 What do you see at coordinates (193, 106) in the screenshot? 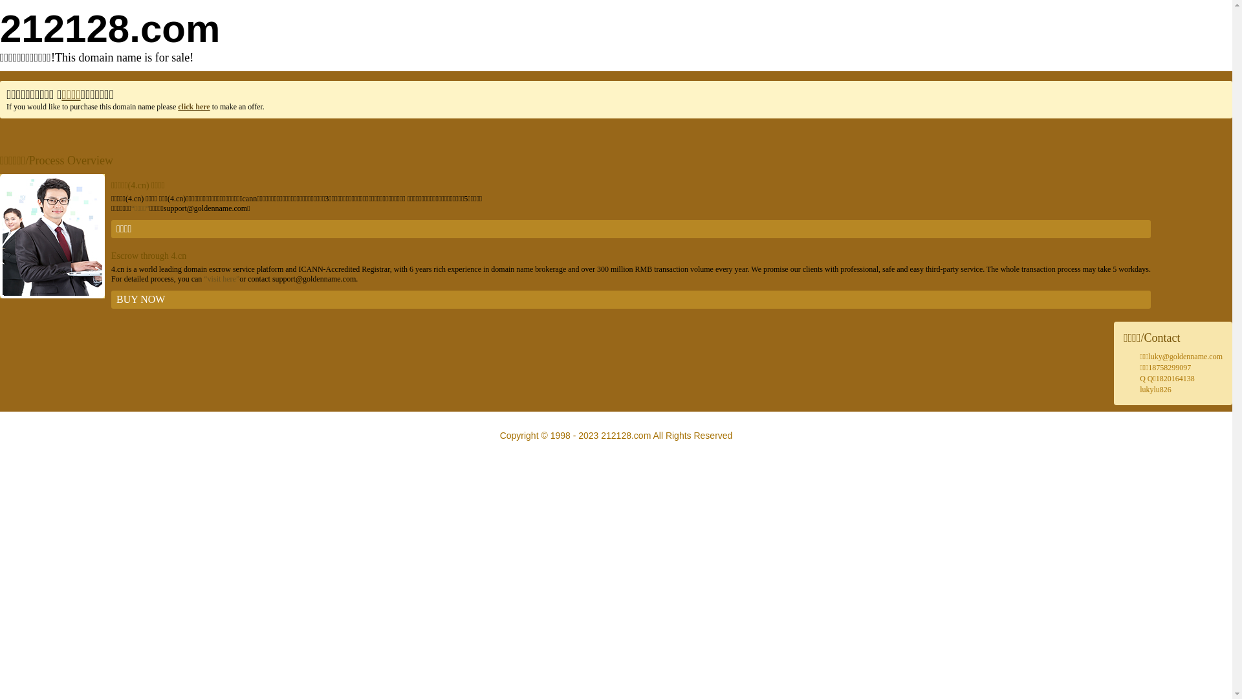
I see `'click here'` at bounding box center [193, 106].